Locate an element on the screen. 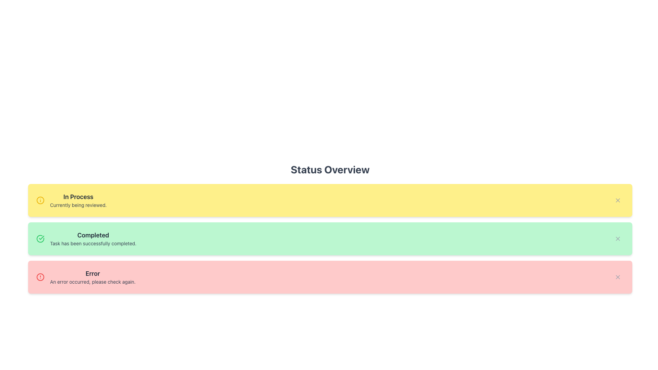 This screenshot has height=370, width=658. the 'X' icon on the yellow background is located at coordinates (618, 200).